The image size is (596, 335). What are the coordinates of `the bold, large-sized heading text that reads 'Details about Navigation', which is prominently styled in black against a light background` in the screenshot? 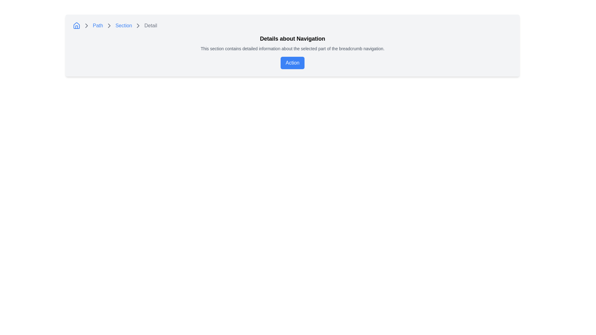 It's located at (292, 38).